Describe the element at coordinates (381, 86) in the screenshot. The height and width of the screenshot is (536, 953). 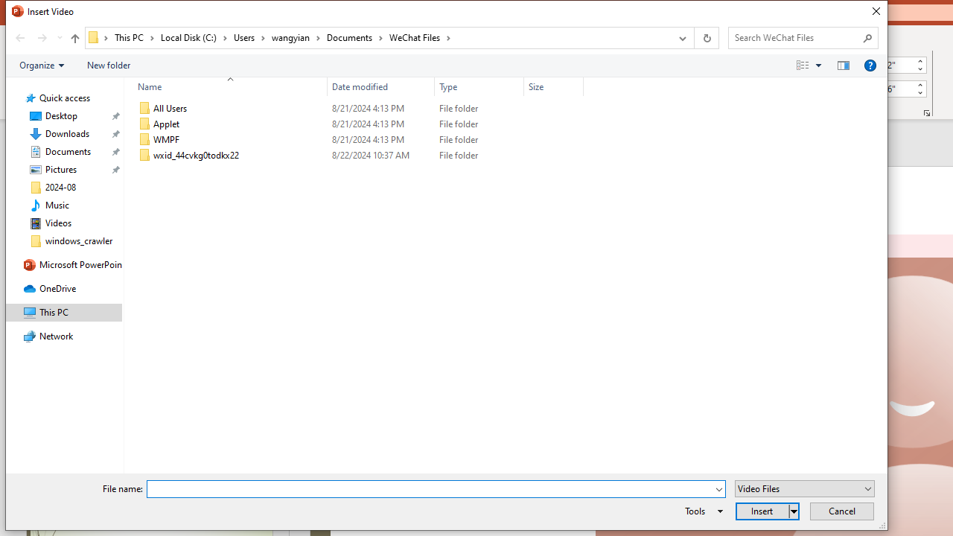
I see `'Date modified'` at that location.